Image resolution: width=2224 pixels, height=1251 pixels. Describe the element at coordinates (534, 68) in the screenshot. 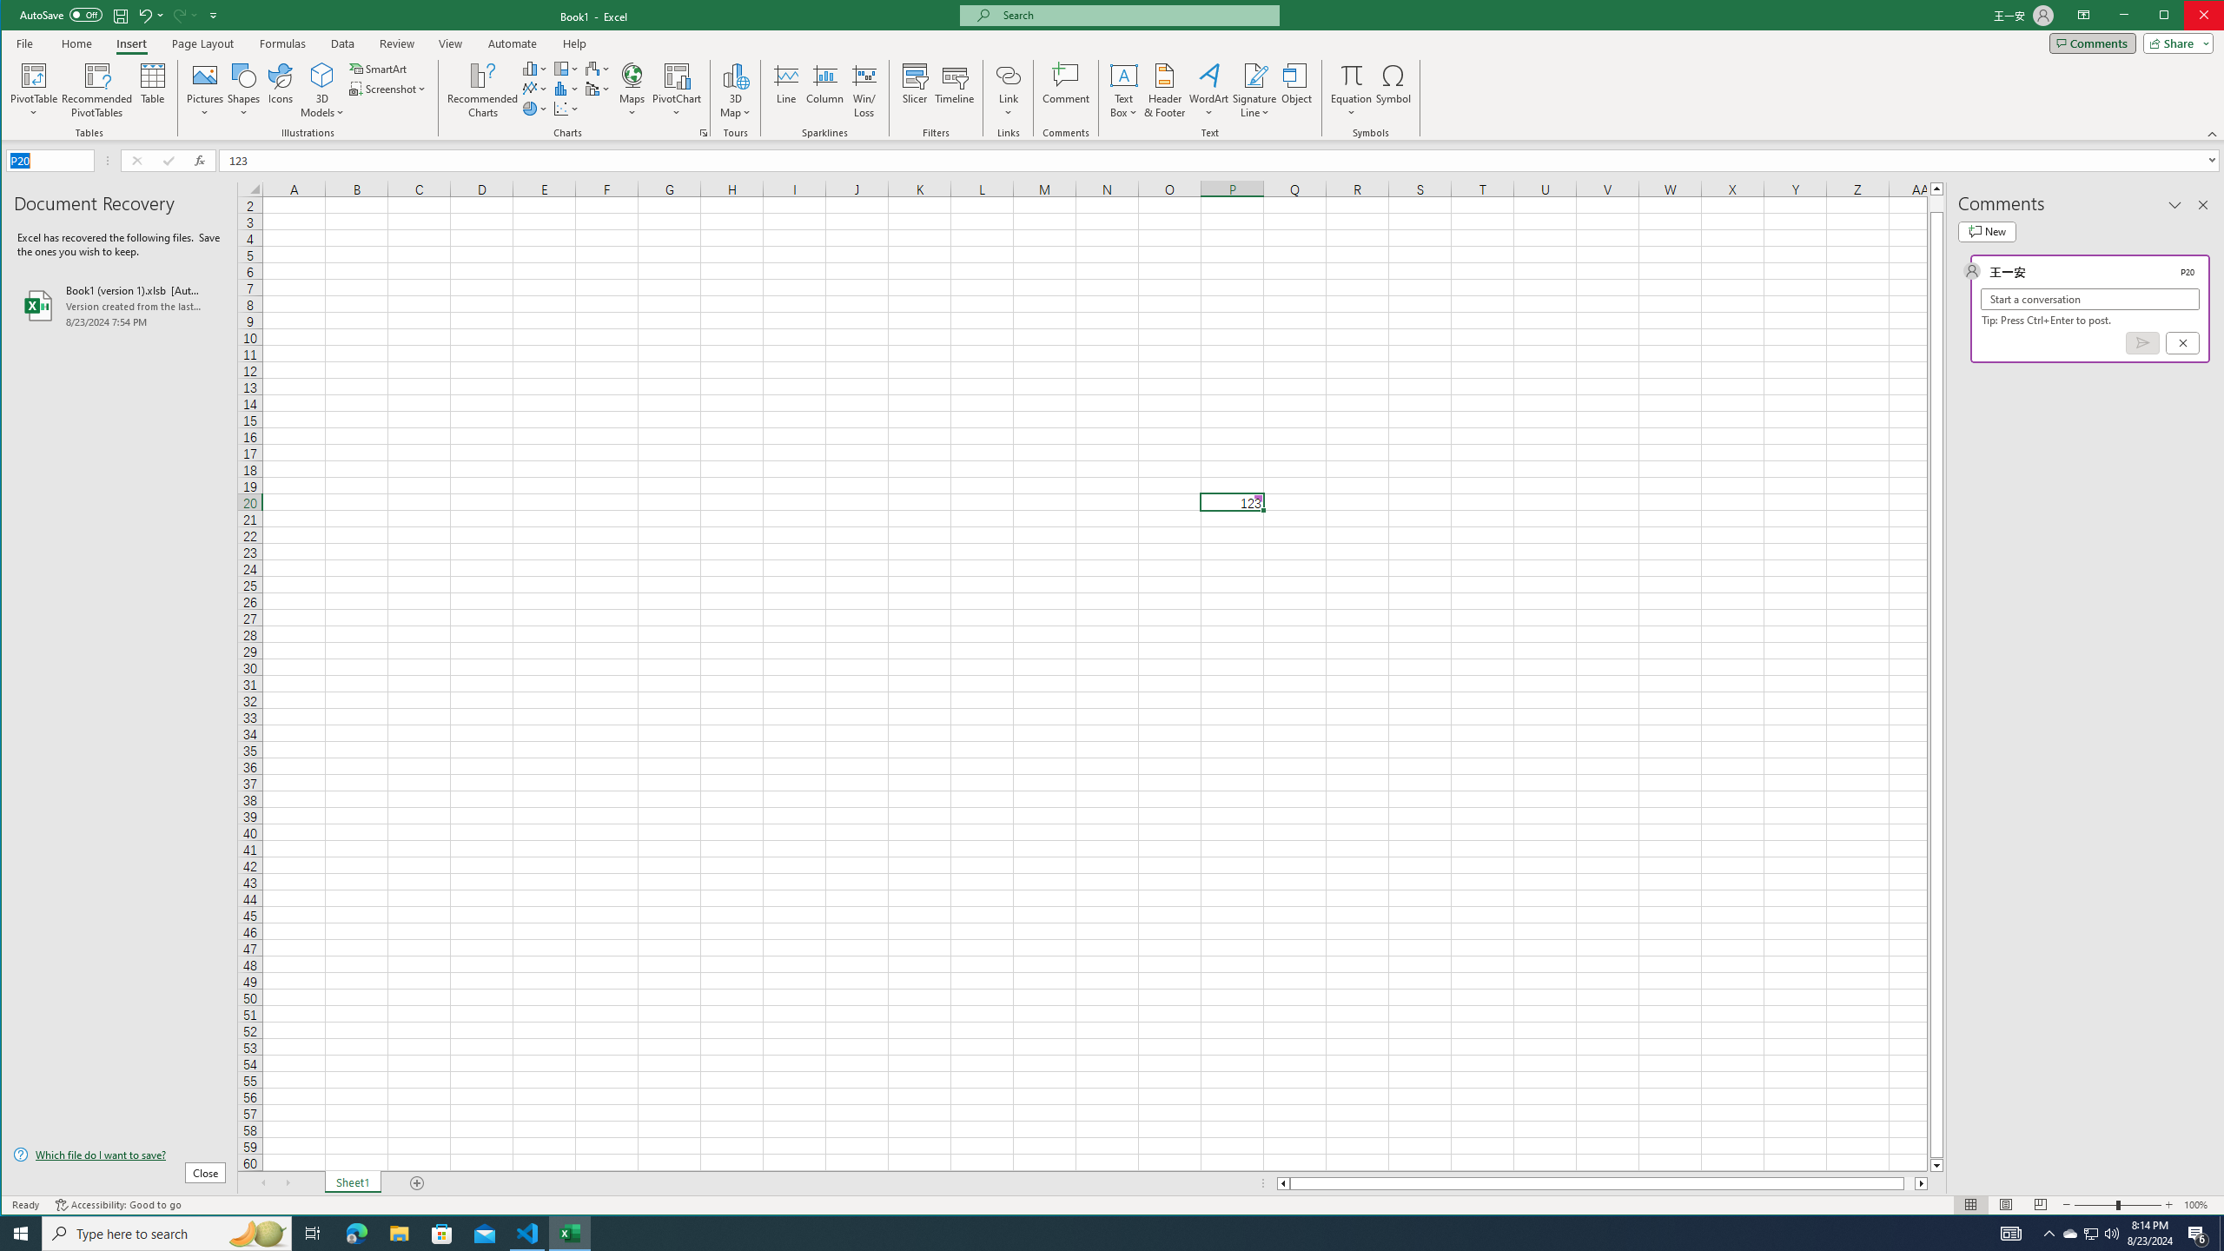

I see `'Insert Column or Bar Chart'` at that location.